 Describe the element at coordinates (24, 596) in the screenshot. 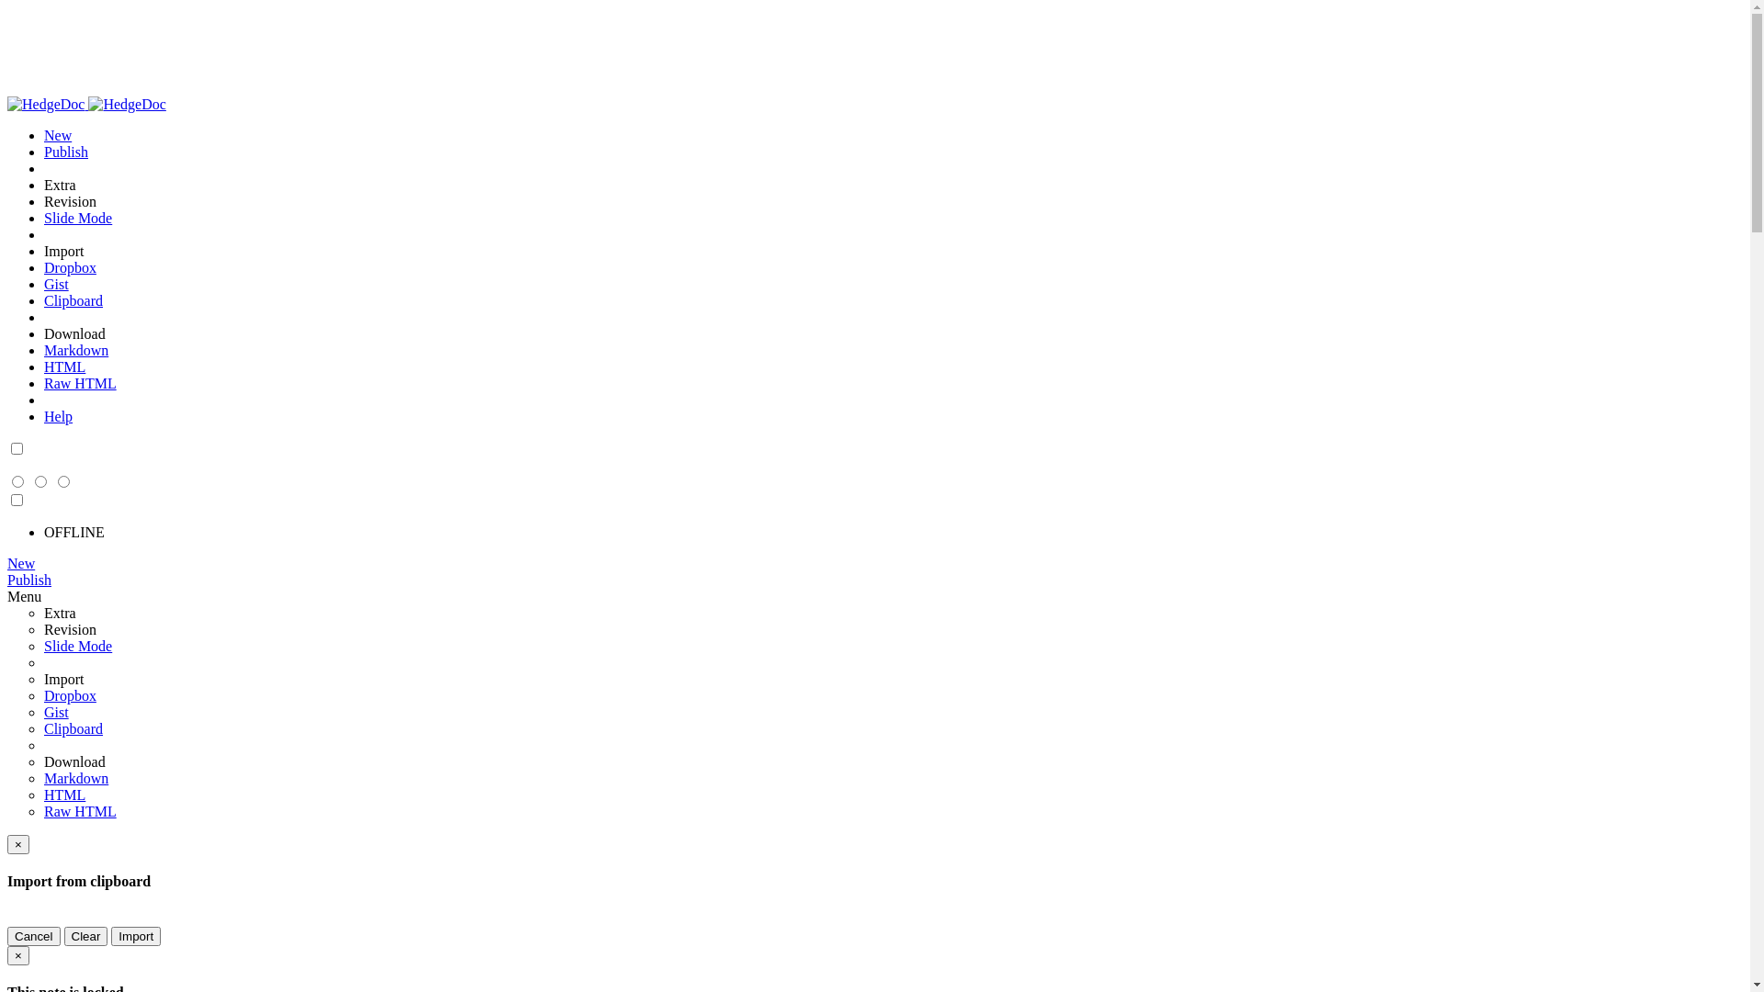

I see `'Menu'` at that location.